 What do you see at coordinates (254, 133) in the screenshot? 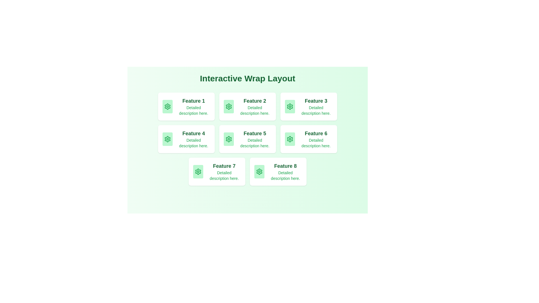
I see `the title text representing the fifth feature in the grid layout to check for a tooltip or interaction` at bounding box center [254, 133].